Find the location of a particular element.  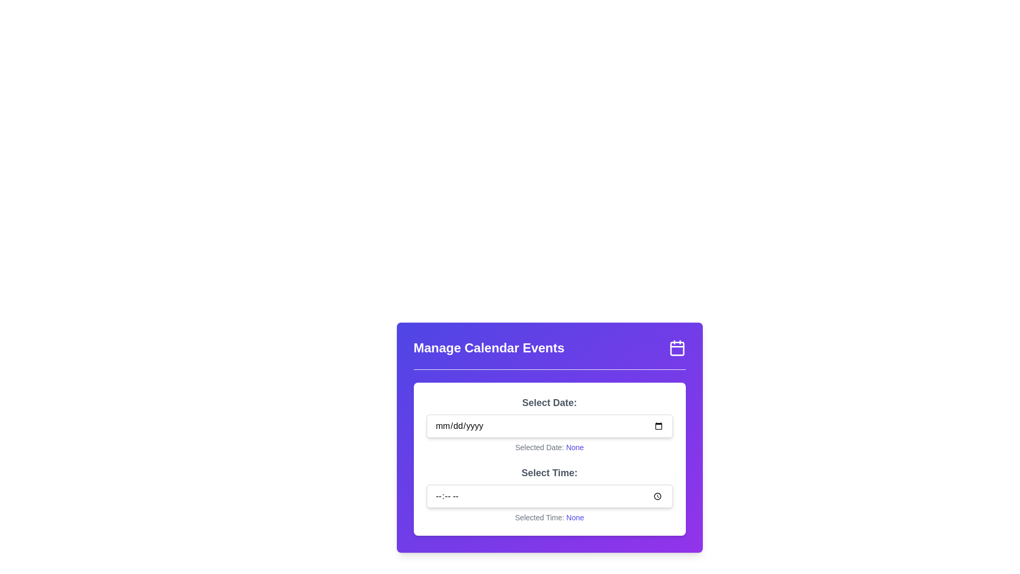

the text display element that shows 'Selected Date: None' in a smaller gray font with 'None' styled in blue, positioned below the date input field is located at coordinates (549, 447).